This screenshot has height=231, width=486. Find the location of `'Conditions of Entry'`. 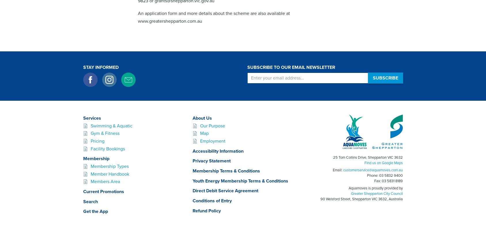

'Conditions of Entry' is located at coordinates (212, 201).